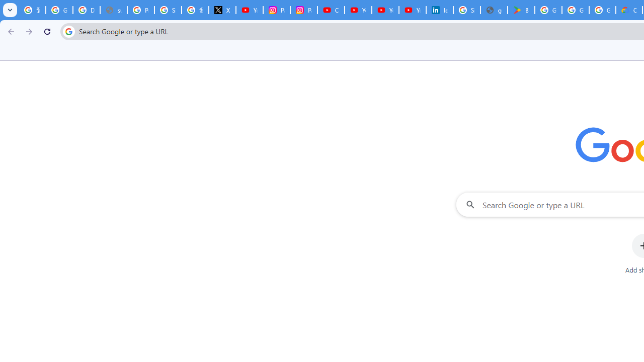 The height and width of the screenshot is (362, 644). Describe the element at coordinates (140, 10) in the screenshot. I see `'Privacy Help Center - Policies Help'` at that location.